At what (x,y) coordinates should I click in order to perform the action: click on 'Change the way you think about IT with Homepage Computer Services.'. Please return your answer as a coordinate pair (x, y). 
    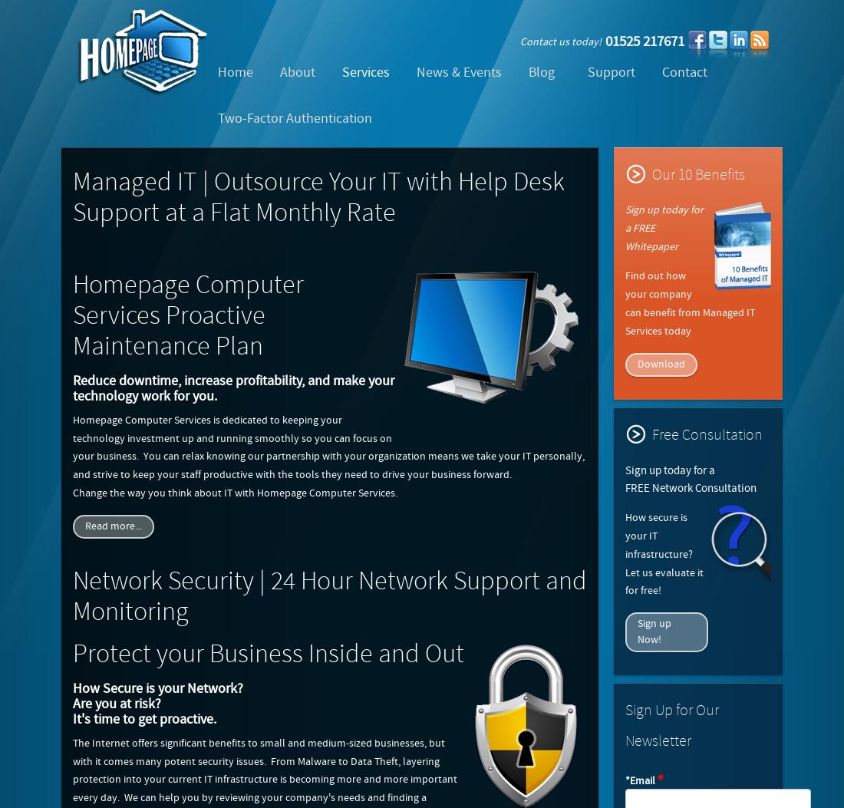
    Looking at the image, I should click on (234, 492).